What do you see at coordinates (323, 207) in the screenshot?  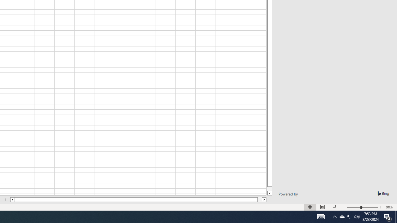 I see `'Page Layout'` at bounding box center [323, 207].